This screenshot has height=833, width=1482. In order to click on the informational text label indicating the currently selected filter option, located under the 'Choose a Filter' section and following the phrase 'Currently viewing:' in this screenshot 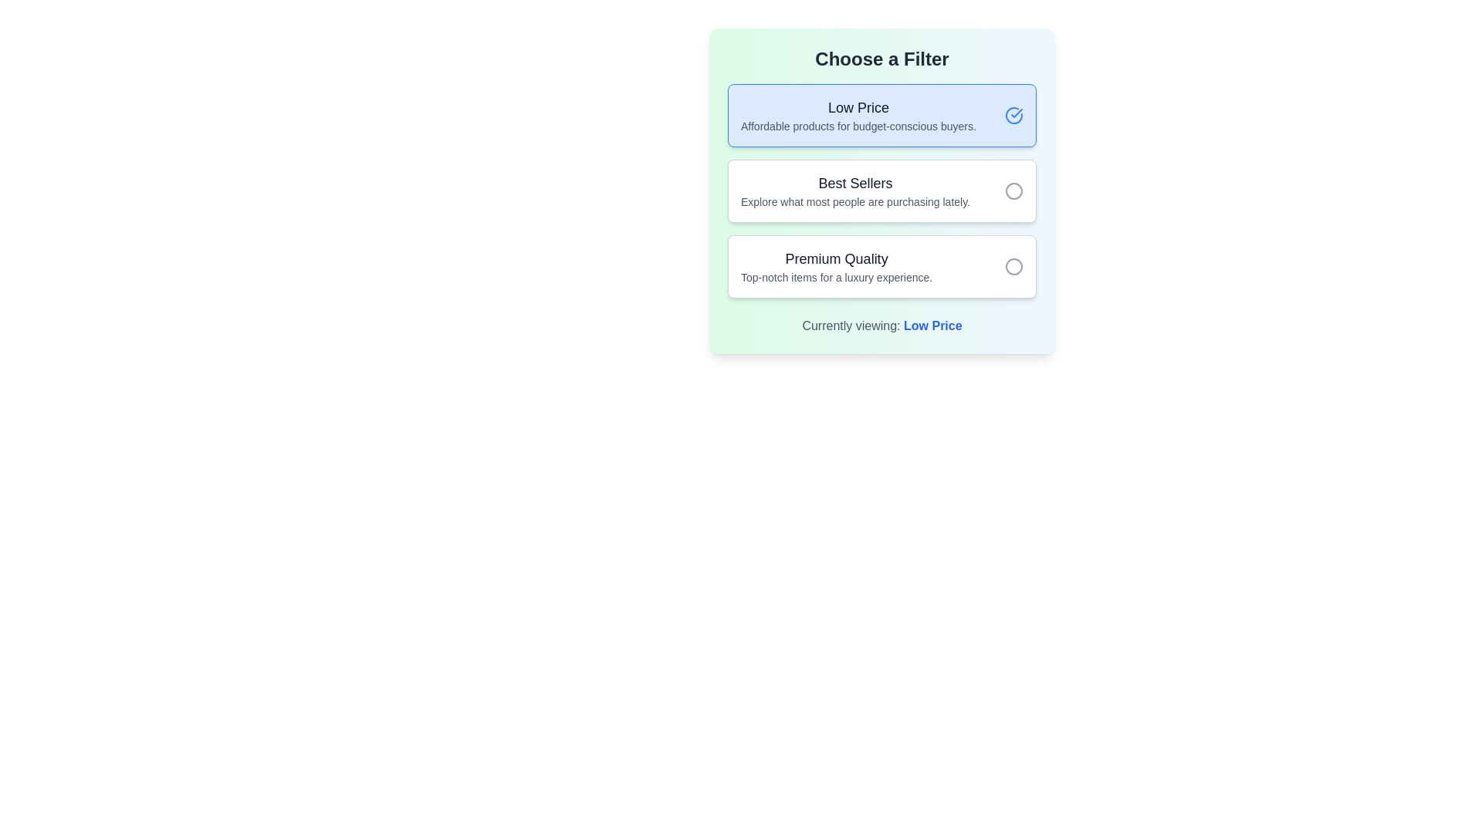, I will do `click(932, 325)`.